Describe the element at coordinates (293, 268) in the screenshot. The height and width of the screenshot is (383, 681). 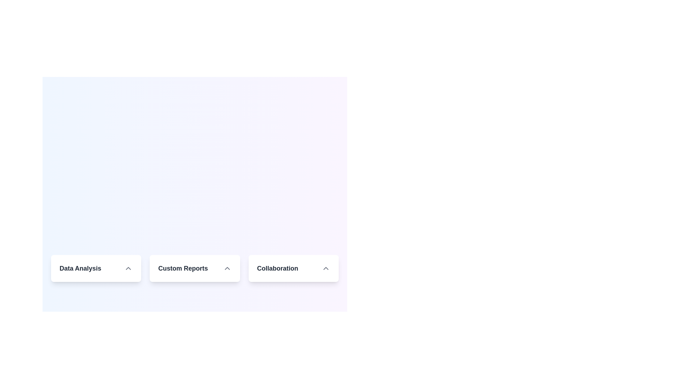
I see `the third button in the row of collaboration buttons` at that location.